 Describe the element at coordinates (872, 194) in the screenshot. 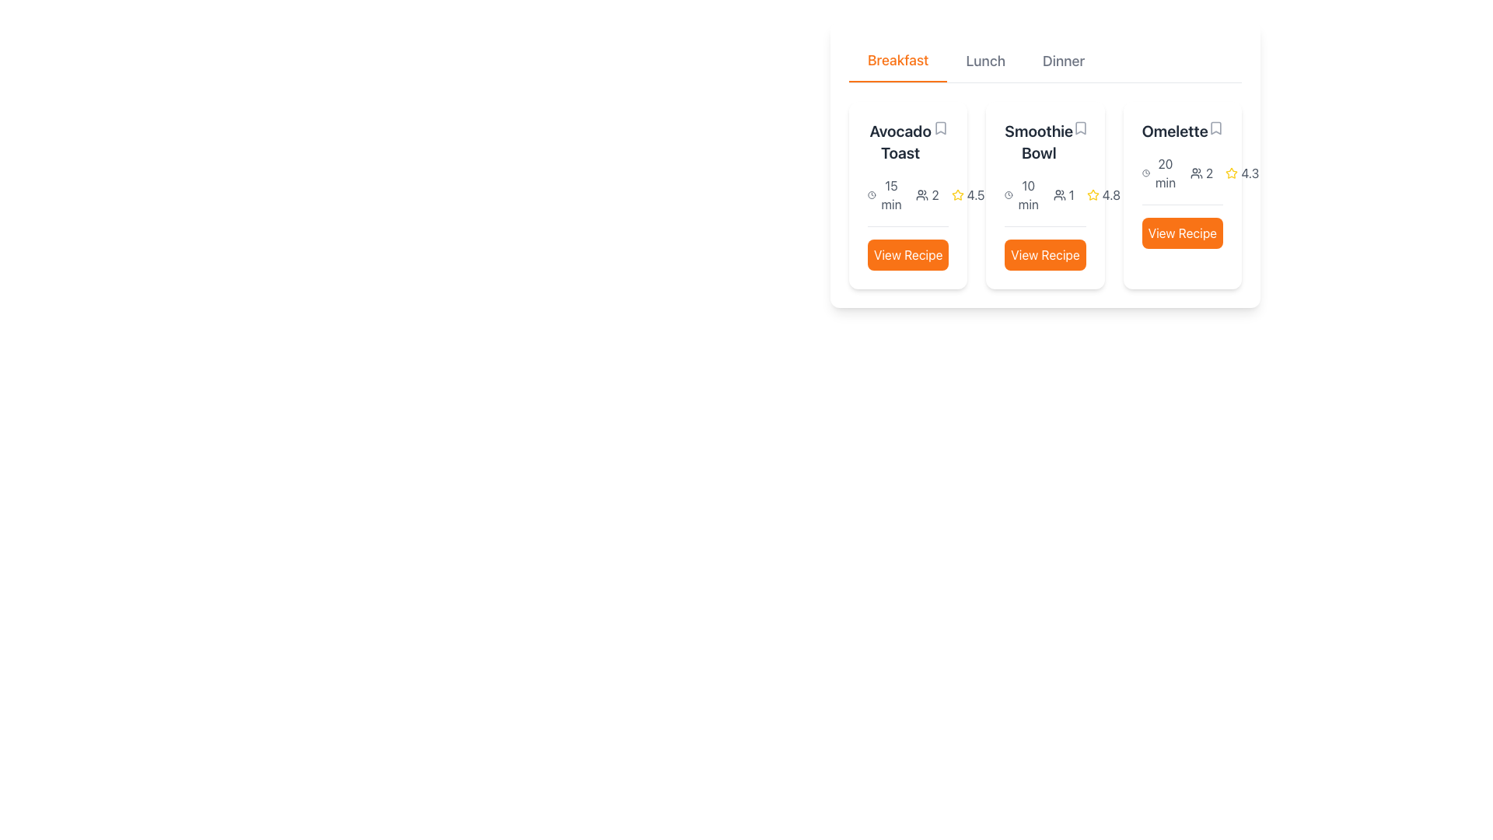

I see `the clock icon, which is styled with circular and pointer components and located leftmost in the '15 min' text grouping` at that location.